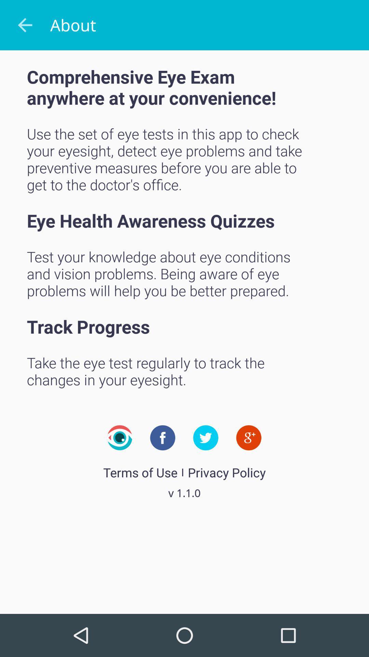  What do you see at coordinates (205, 437) in the screenshot?
I see `share to twitter` at bounding box center [205, 437].